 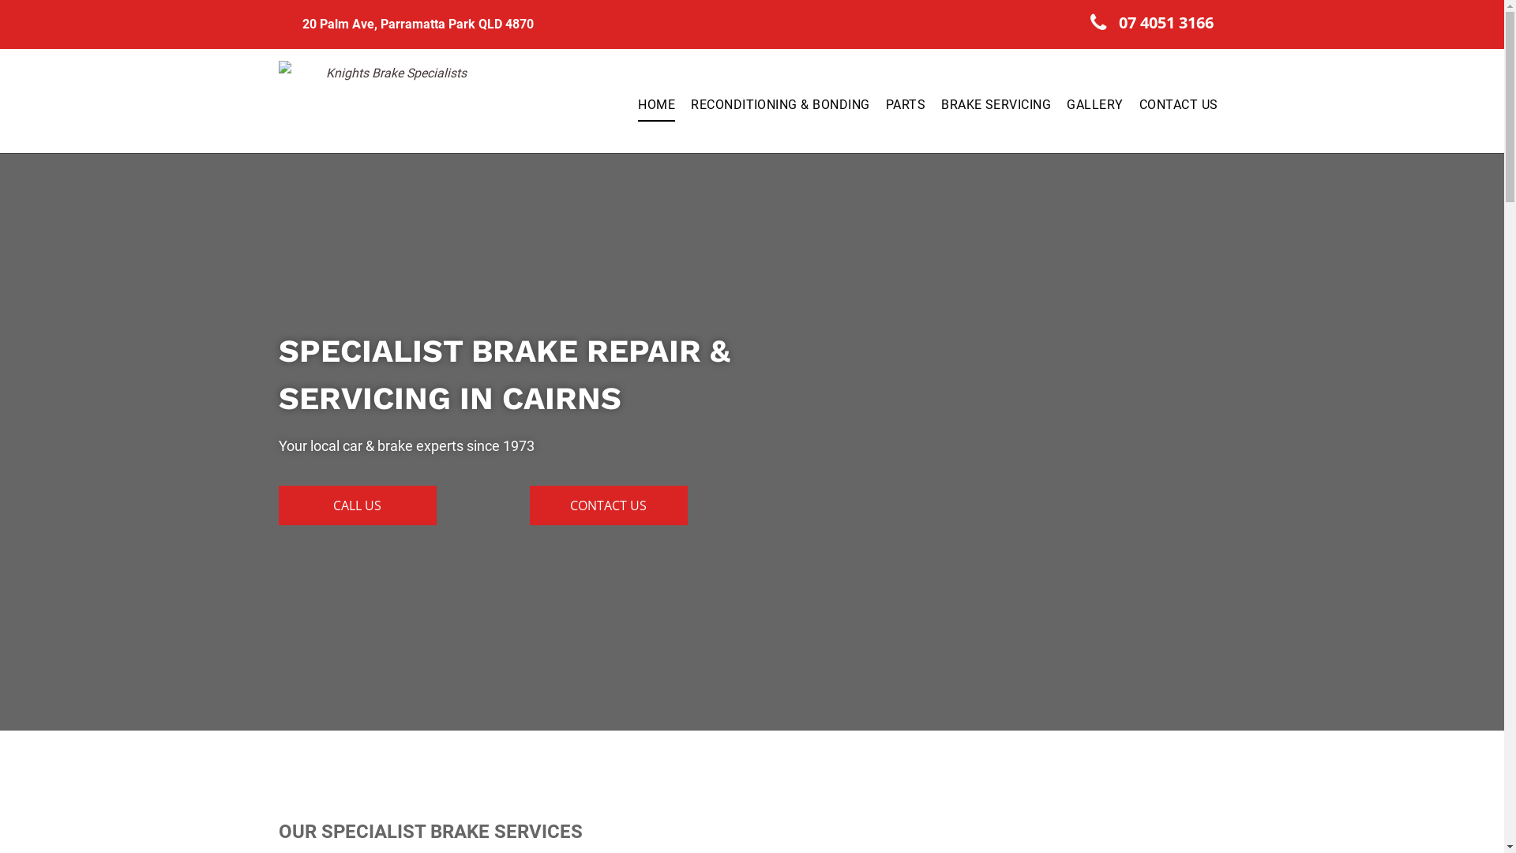 I want to click on '20 Palm Ave, Parramatta Park QLD 4870', so click(x=417, y=24).